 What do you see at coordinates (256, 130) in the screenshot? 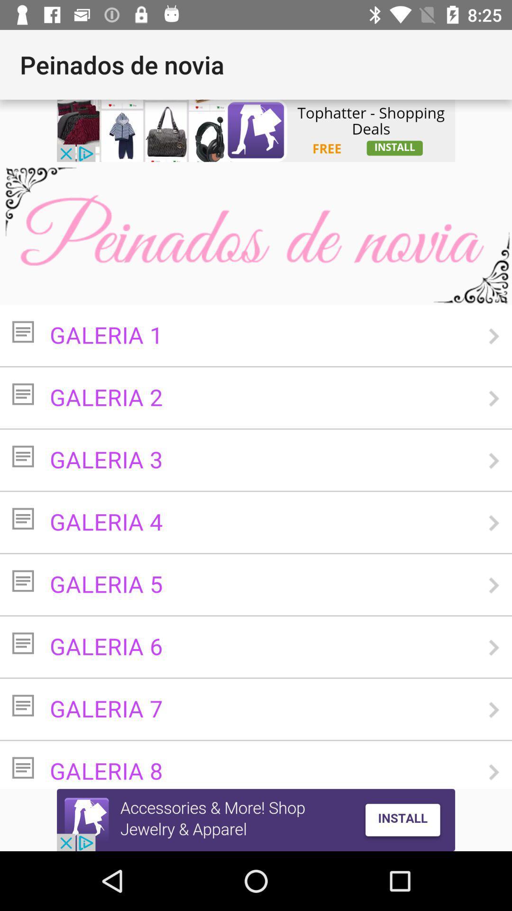
I see `click advertisement` at bounding box center [256, 130].